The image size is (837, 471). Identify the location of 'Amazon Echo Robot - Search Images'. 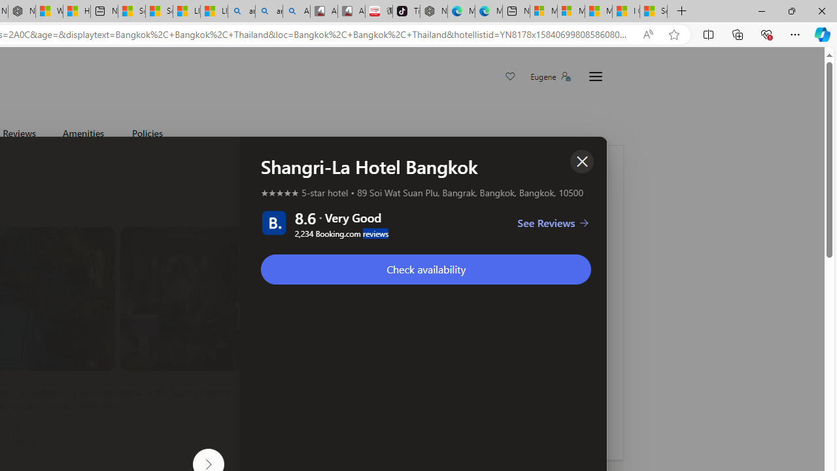
(296, 11).